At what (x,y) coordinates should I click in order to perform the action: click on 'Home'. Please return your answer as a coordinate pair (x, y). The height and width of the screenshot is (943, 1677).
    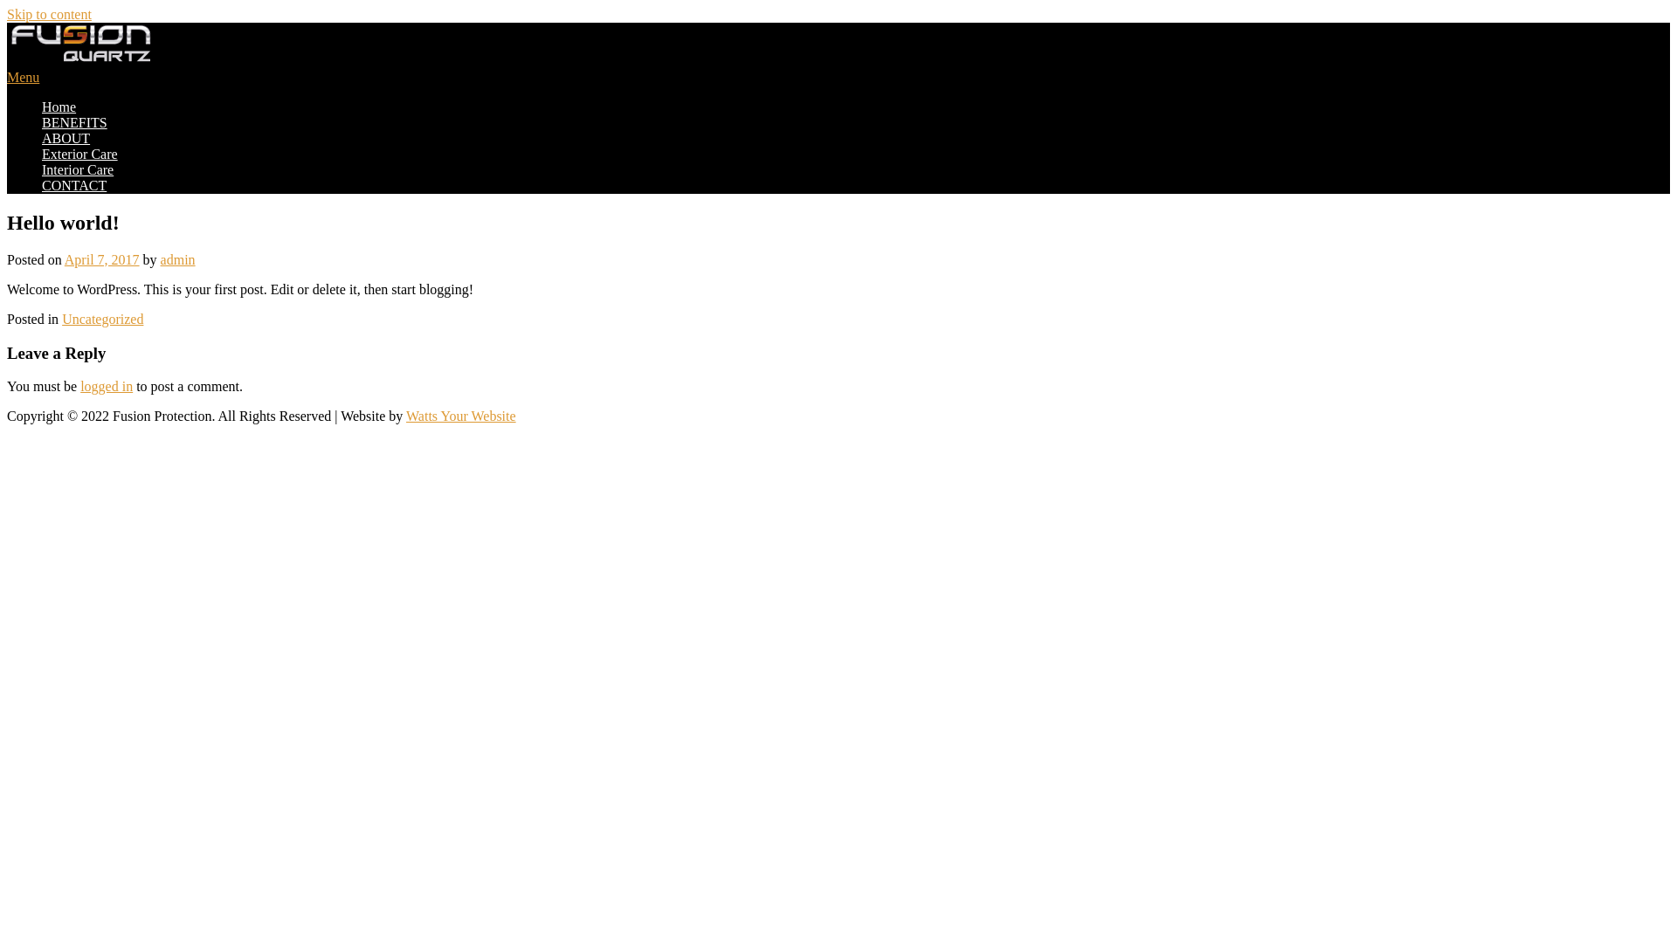
    Looking at the image, I should click on (59, 107).